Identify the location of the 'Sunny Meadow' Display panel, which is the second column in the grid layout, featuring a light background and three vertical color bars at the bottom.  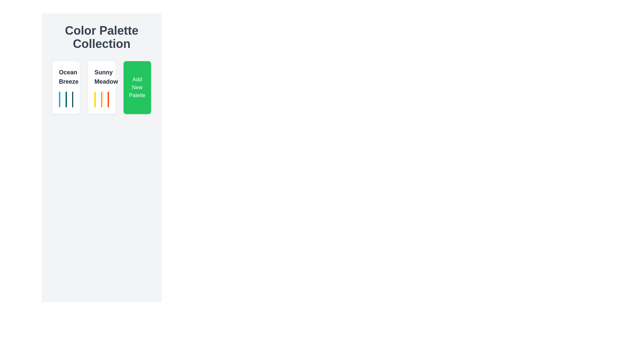
(101, 87).